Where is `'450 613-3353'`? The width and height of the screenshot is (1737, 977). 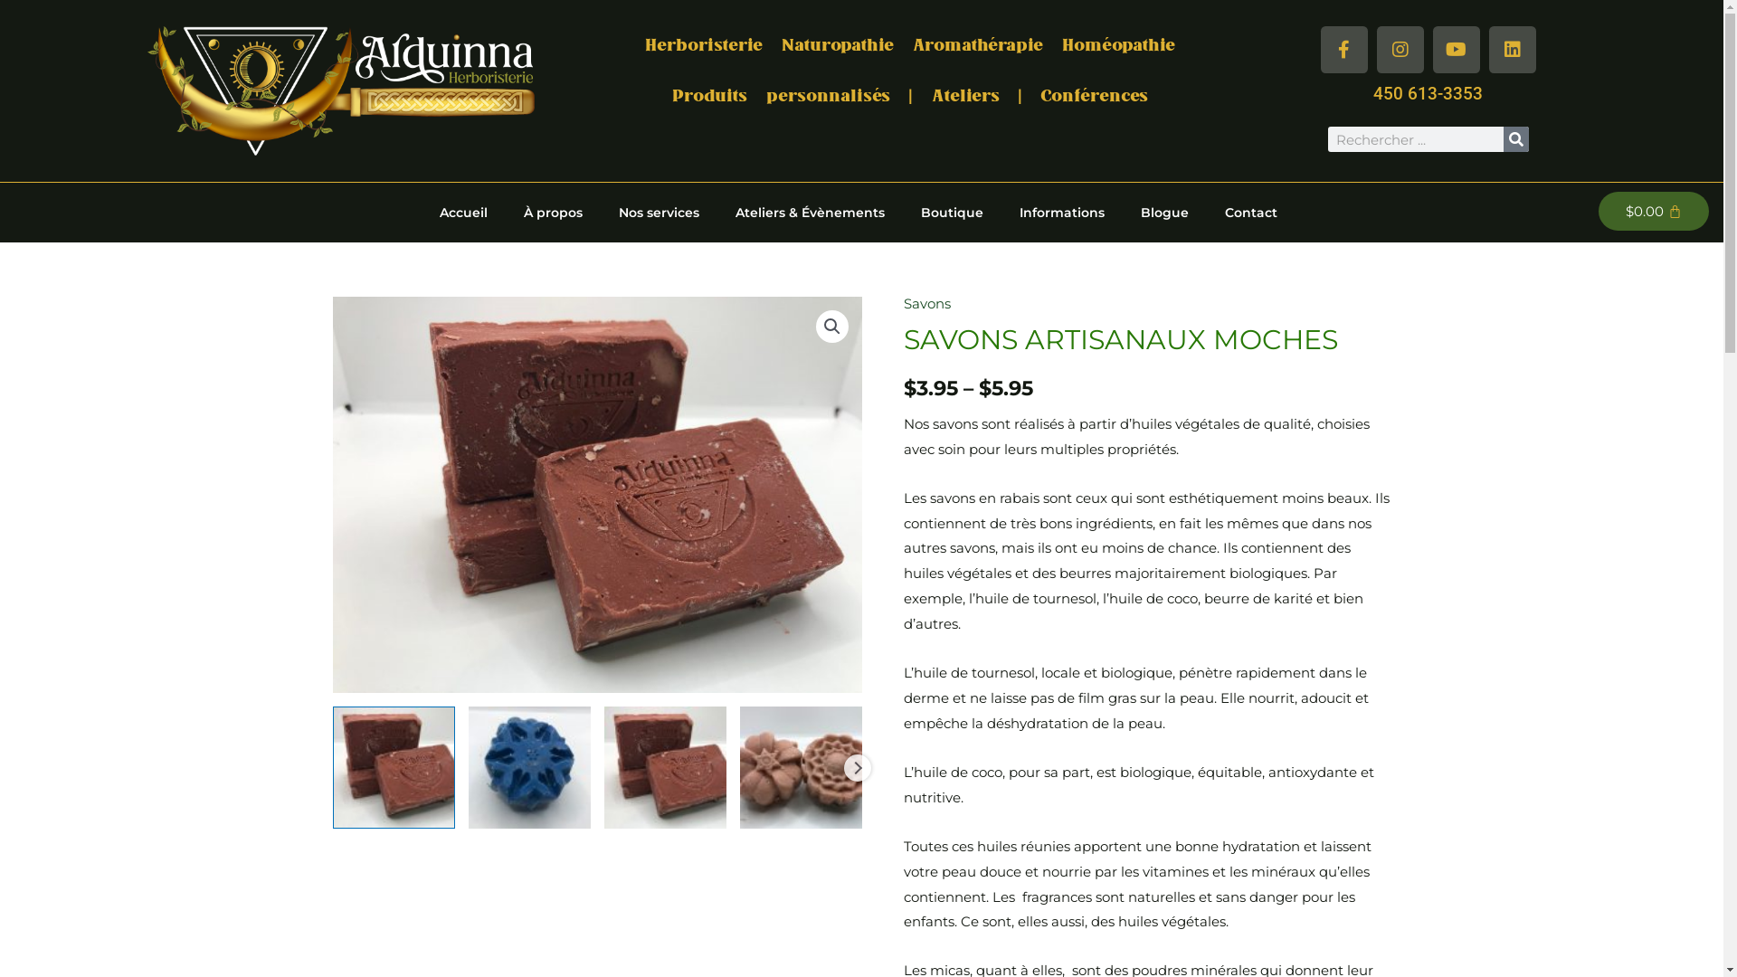
'450 613-3353' is located at coordinates (1427, 93).